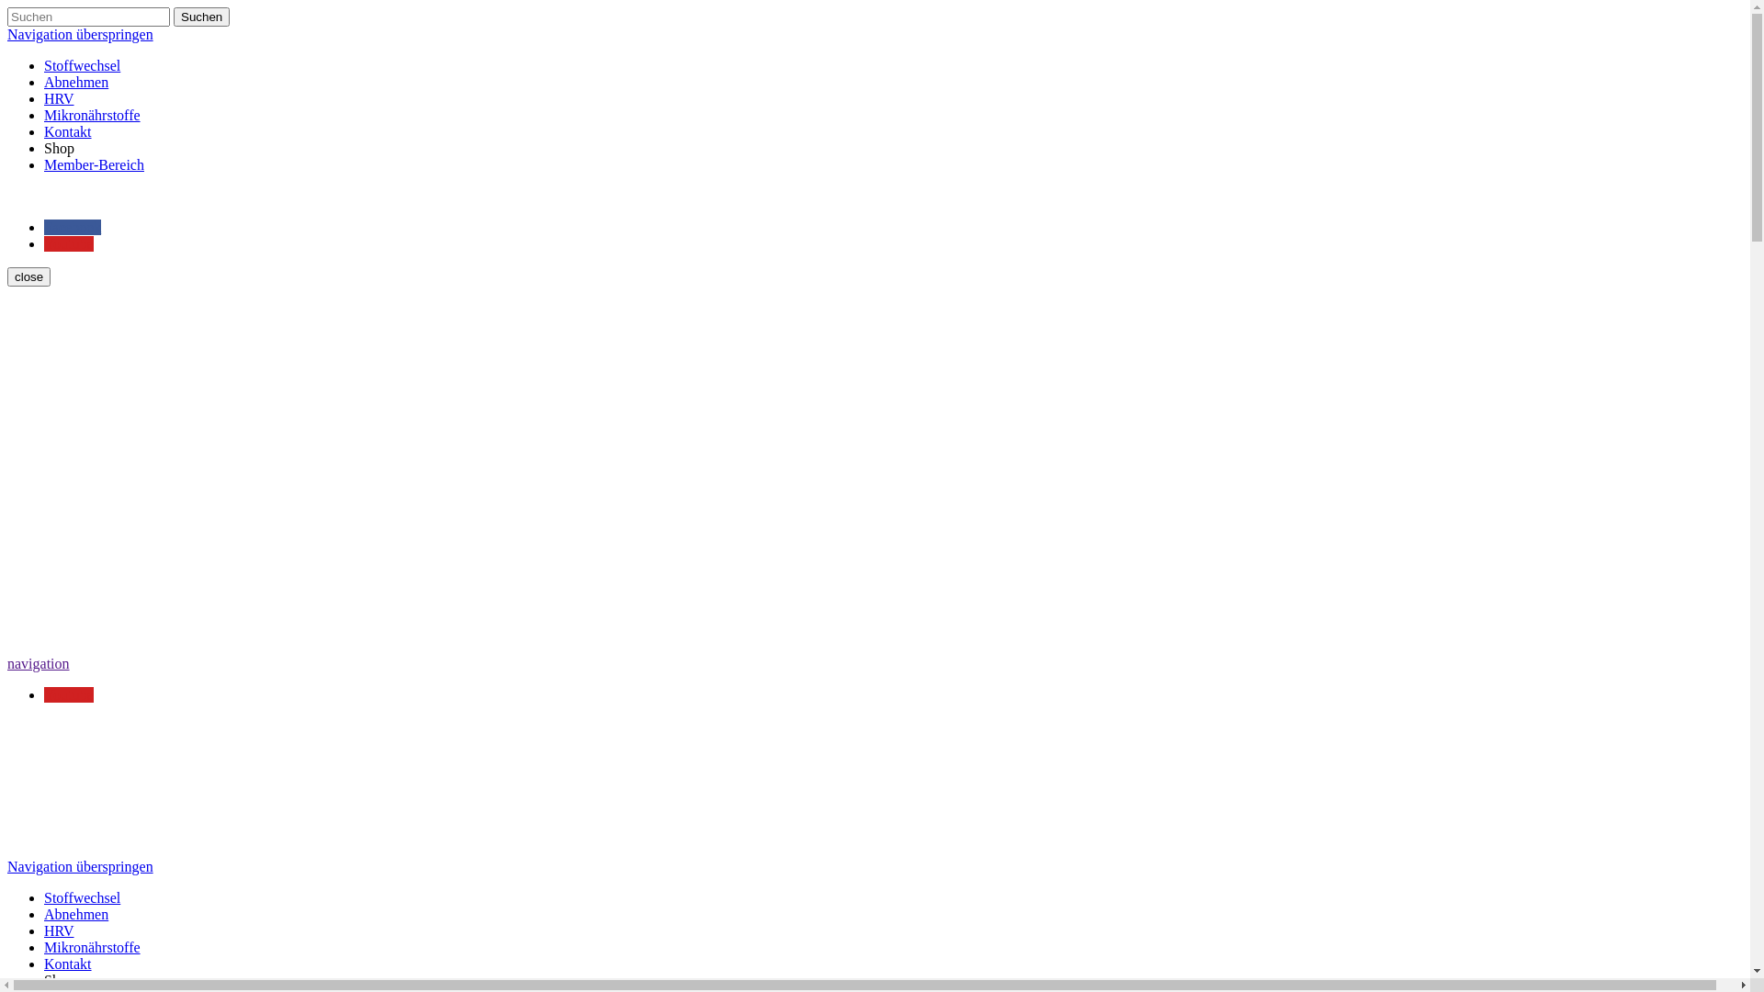  I want to click on 'Kontakt', so click(67, 130).